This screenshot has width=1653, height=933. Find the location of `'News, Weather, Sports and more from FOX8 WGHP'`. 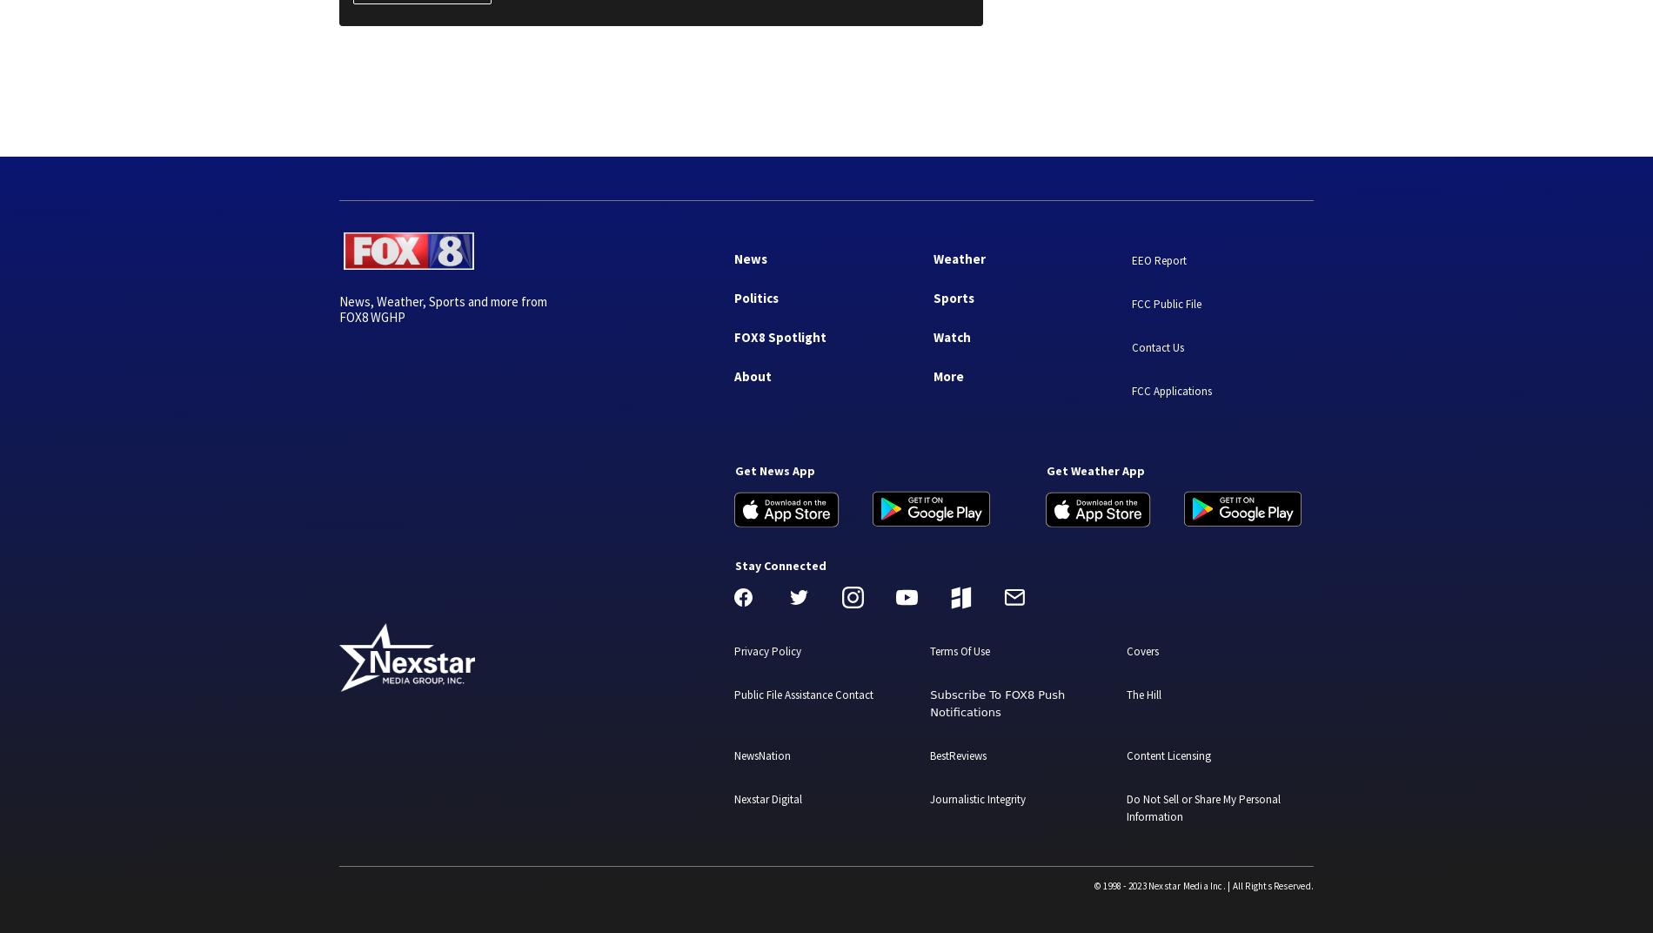

'News, Weather, Sports and more from FOX8 WGHP' is located at coordinates (443, 309).